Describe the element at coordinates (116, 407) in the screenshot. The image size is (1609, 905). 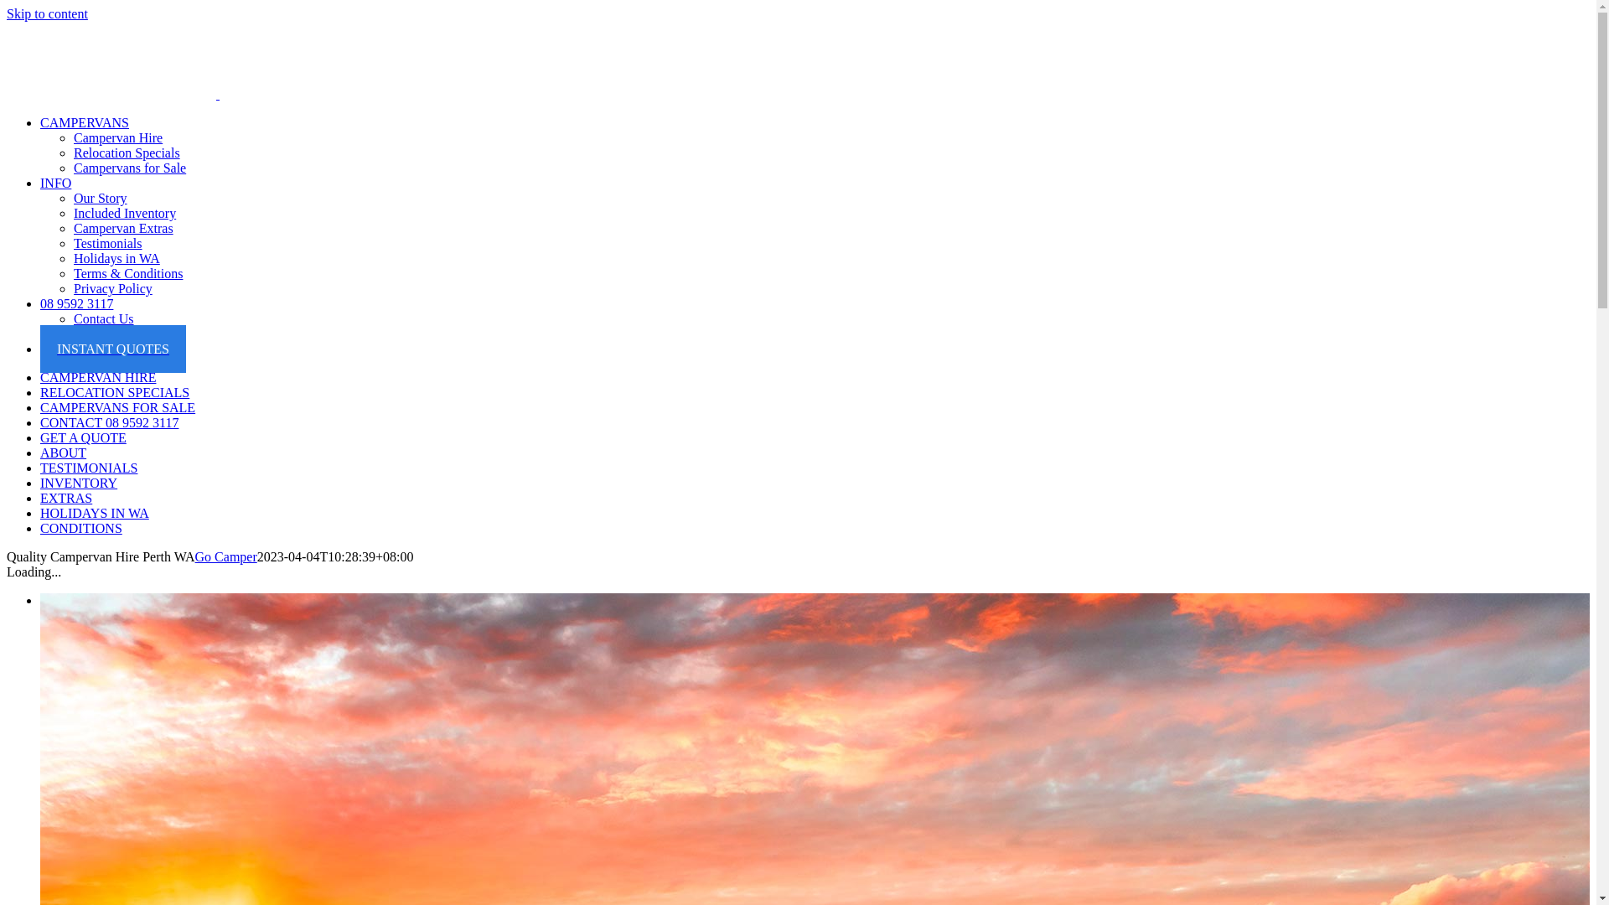
I see `'CAMPERVANS FOR SALE'` at that location.